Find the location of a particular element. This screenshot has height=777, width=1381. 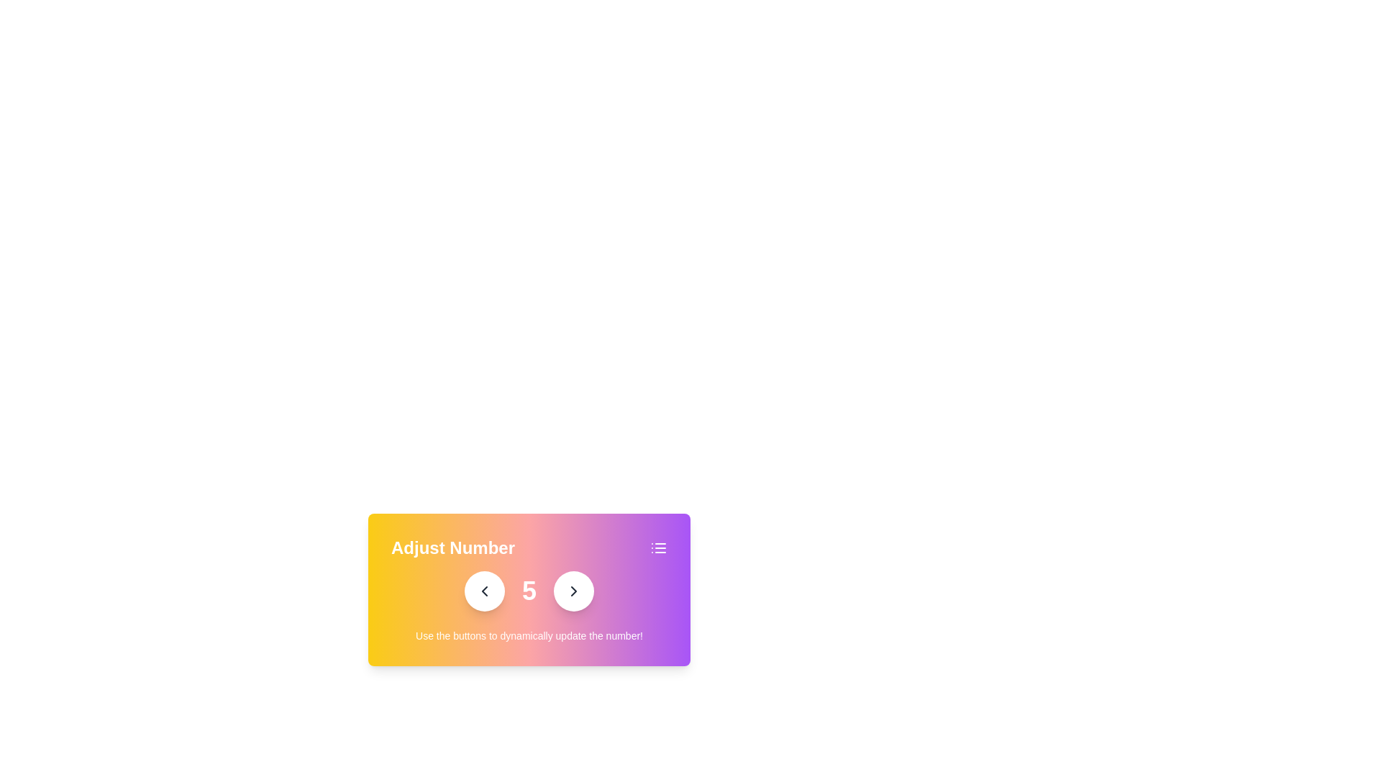

the instructive text label that indicates the use of buttons for adjusting a number dynamically, located below the numeric display and navigation buttons is located at coordinates (528, 635).